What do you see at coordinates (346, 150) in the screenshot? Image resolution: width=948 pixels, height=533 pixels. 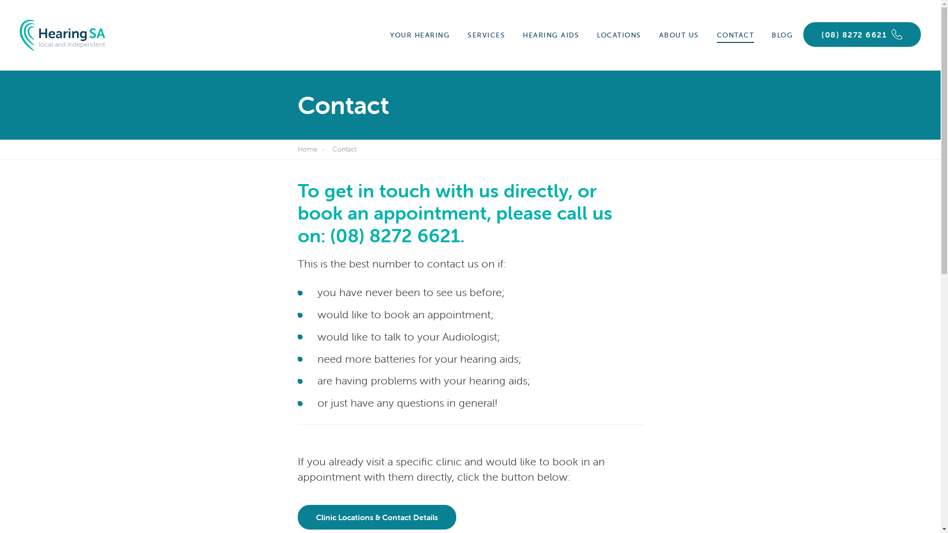 I see `'Contact'` at bounding box center [346, 150].